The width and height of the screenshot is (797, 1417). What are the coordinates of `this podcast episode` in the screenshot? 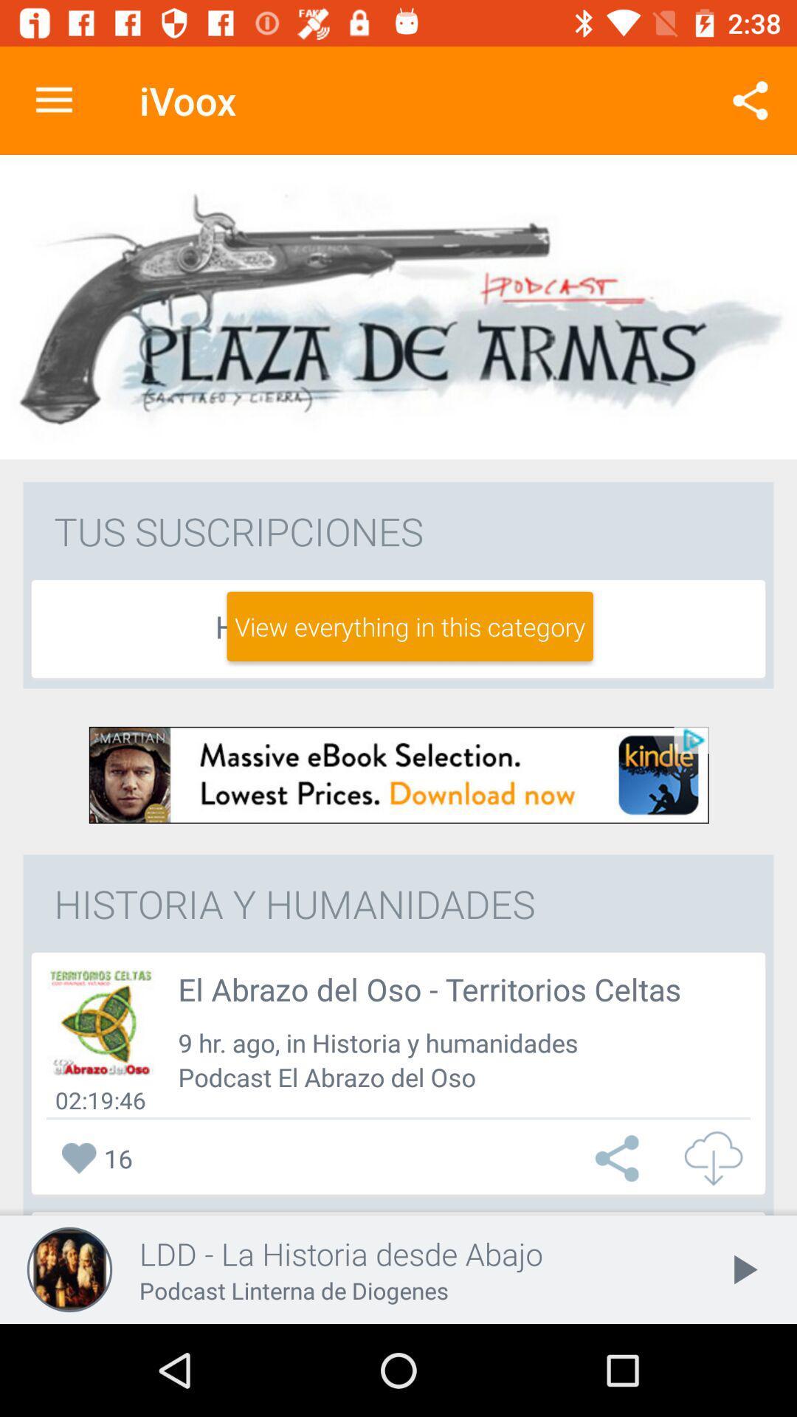 It's located at (100, 1021).